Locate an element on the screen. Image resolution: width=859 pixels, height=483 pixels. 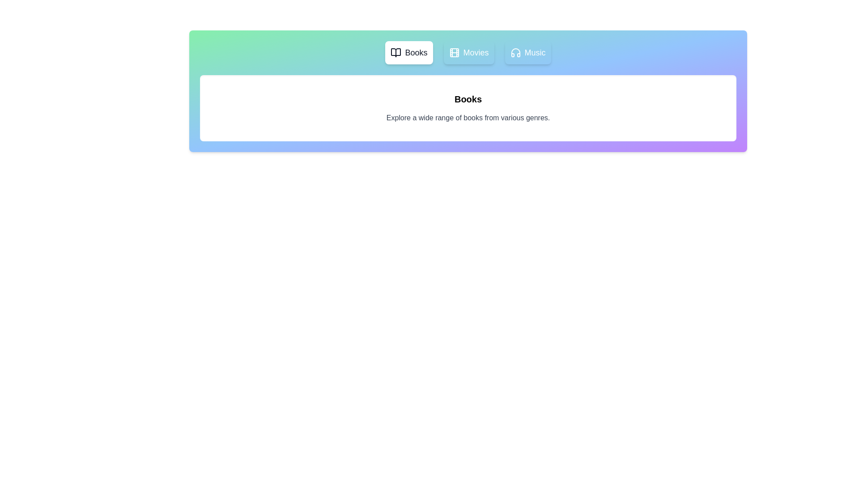
the tab labeled Movies is located at coordinates (468, 53).